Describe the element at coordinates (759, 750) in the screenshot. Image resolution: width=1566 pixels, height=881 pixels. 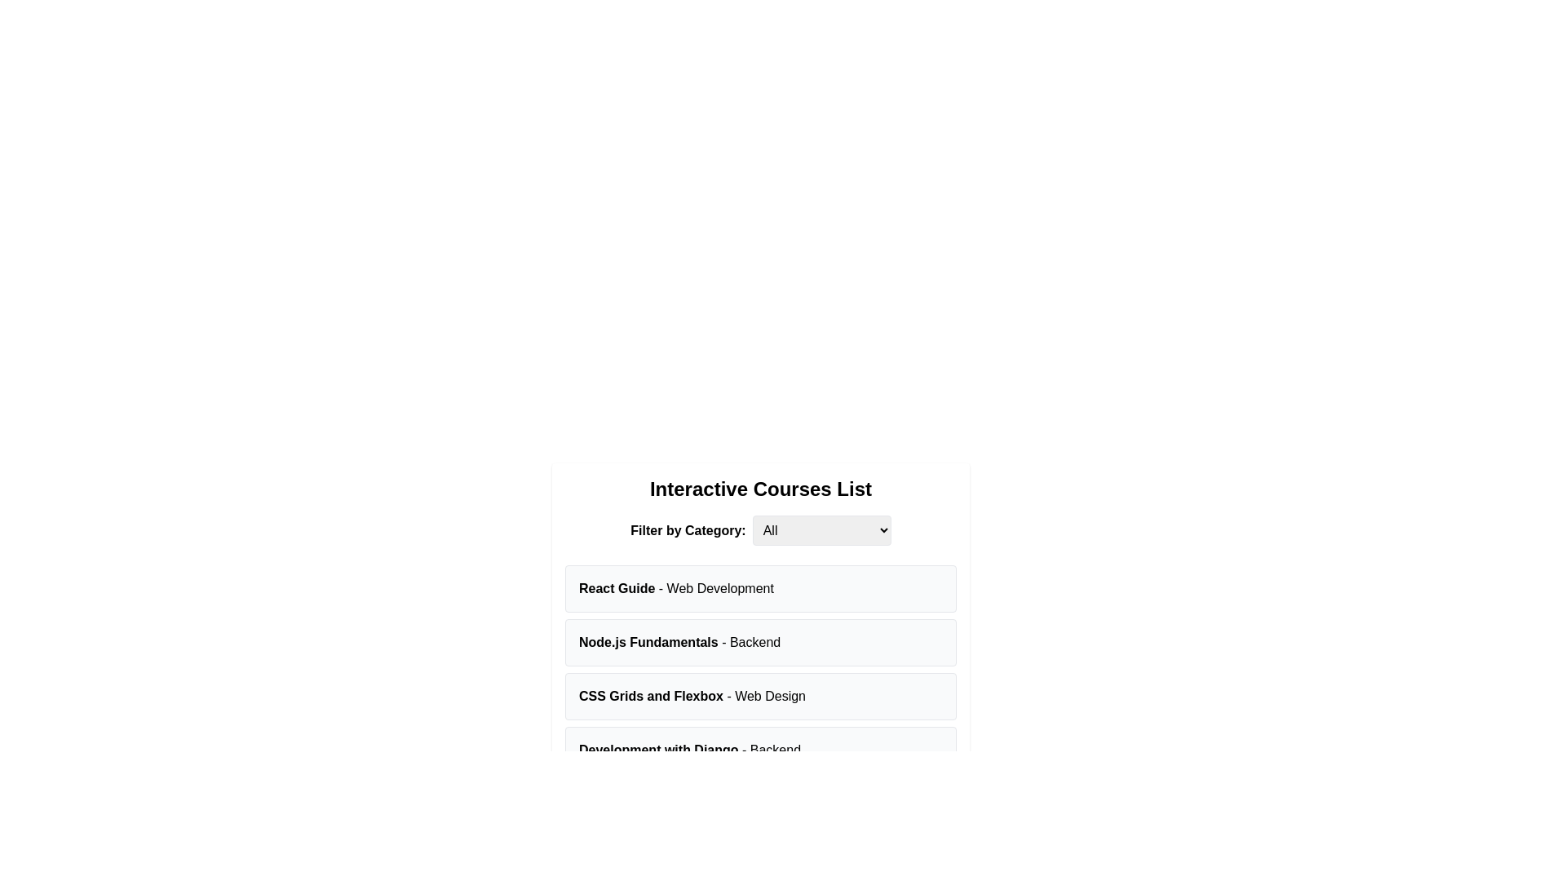
I see `the fourth list item labeled 'Development with Django - Backend', which is a horizontally-aligned rectangular box with rounded corners and a light gray background` at that location.